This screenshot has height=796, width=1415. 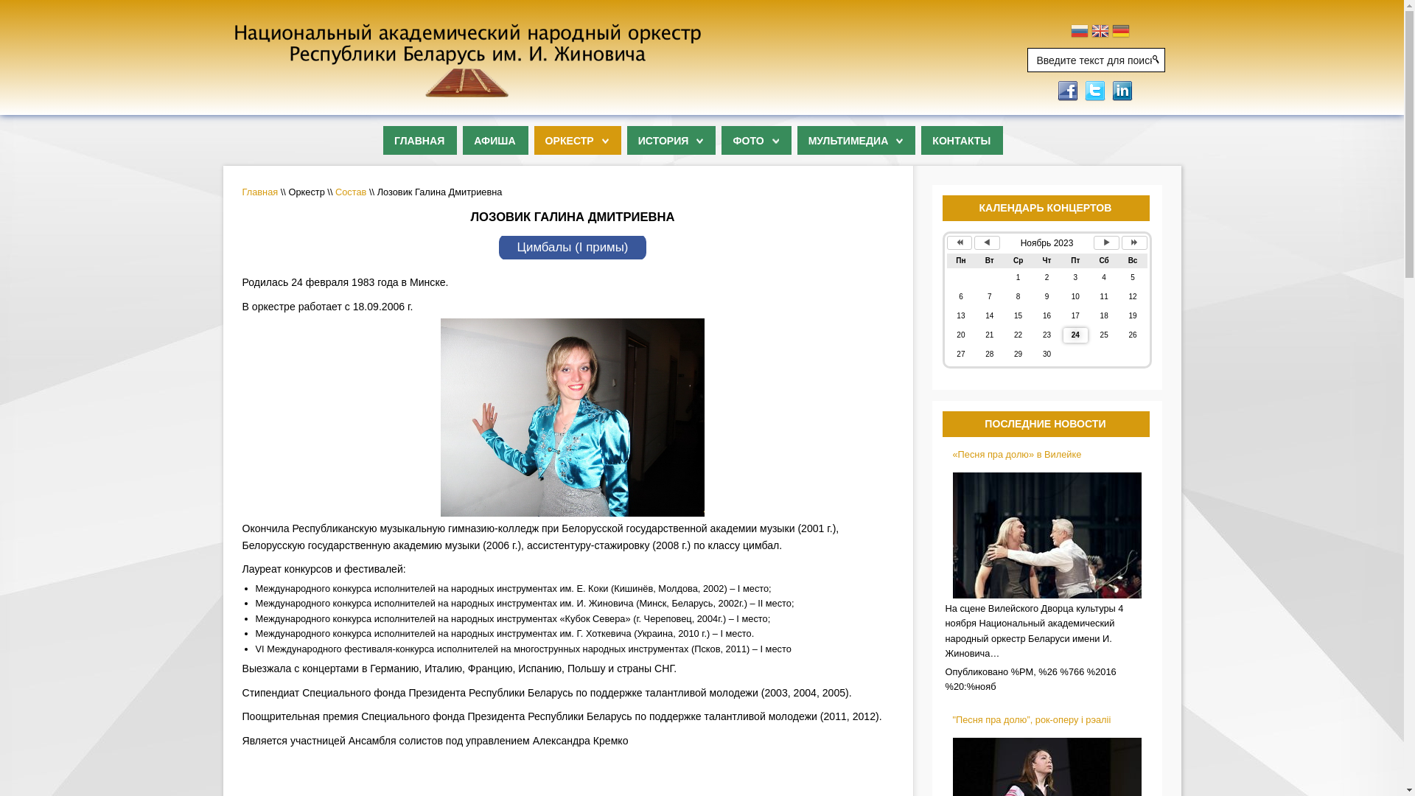 What do you see at coordinates (1091, 32) in the screenshot?
I see `'English'` at bounding box center [1091, 32].